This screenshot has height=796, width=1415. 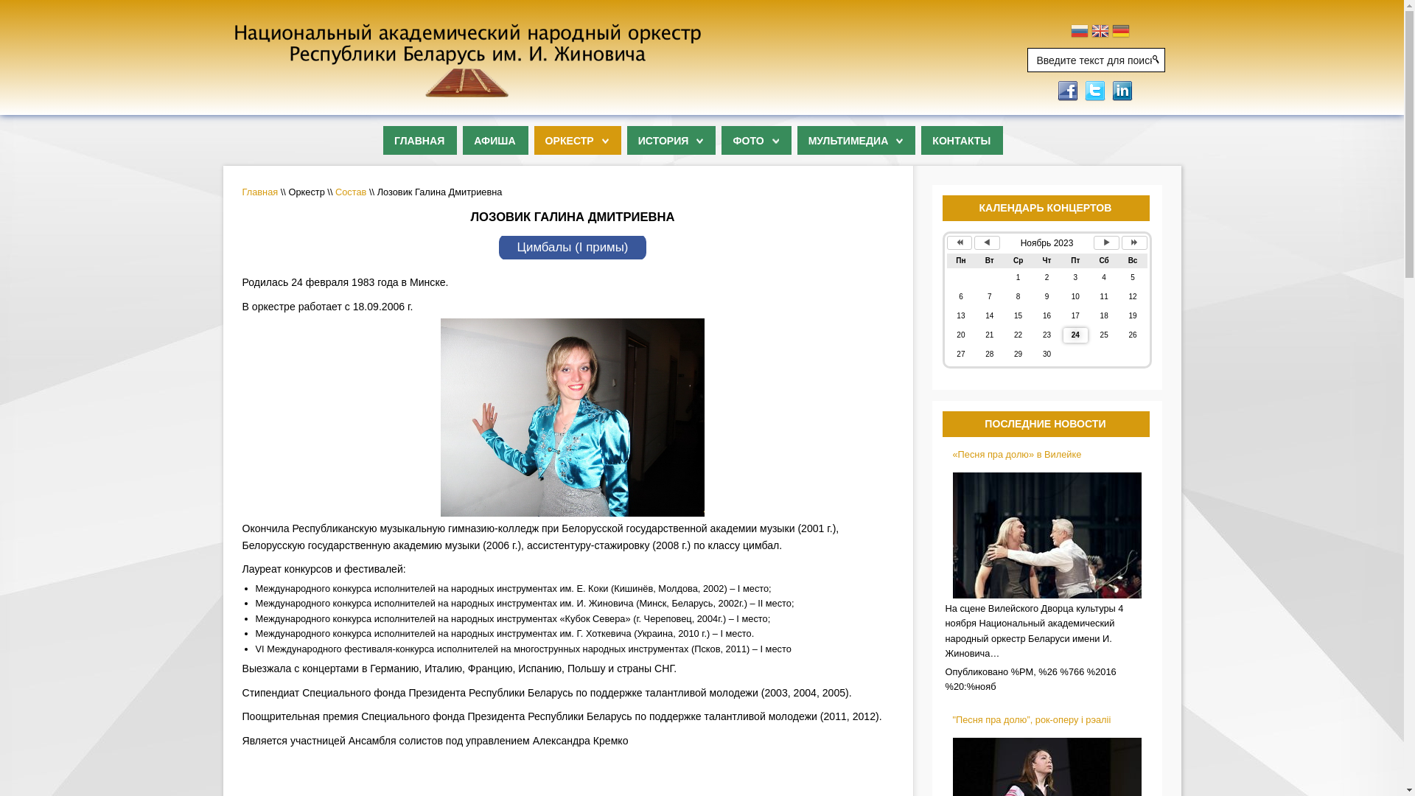 What do you see at coordinates (1091, 32) in the screenshot?
I see `'English'` at bounding box center [1091, 32].